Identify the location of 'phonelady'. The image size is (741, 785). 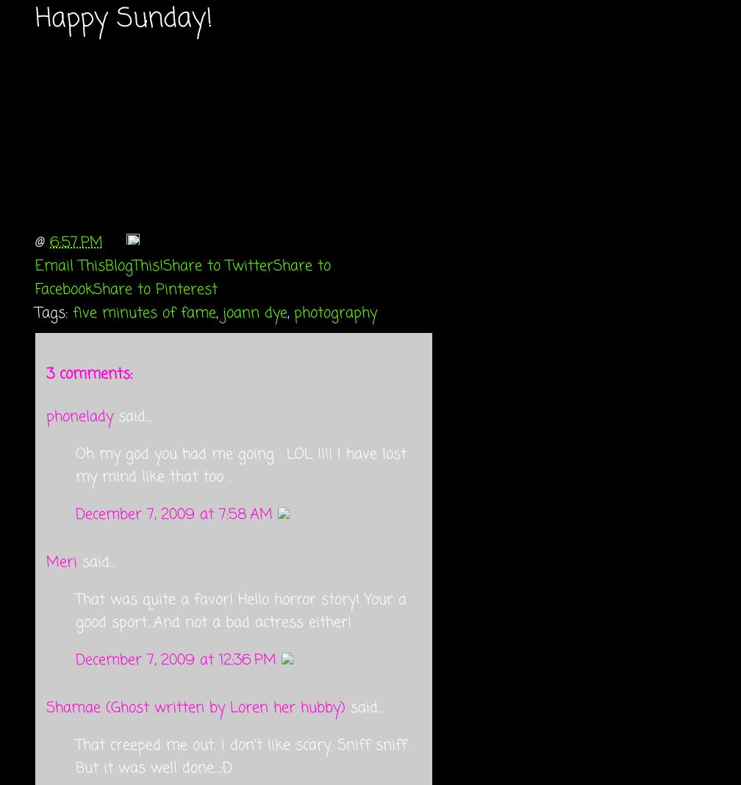
(79, 415).